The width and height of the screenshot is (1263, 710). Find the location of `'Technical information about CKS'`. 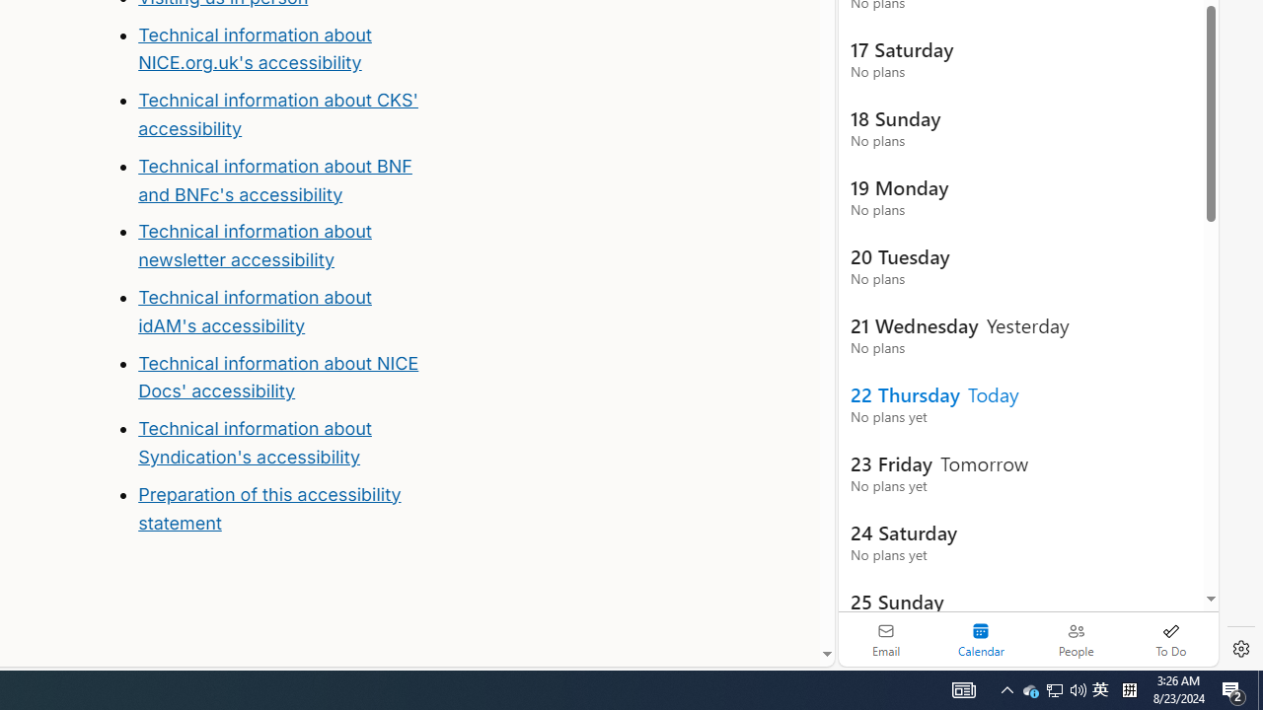

'Technical information about CKS' is located at coordinates (276, 114).